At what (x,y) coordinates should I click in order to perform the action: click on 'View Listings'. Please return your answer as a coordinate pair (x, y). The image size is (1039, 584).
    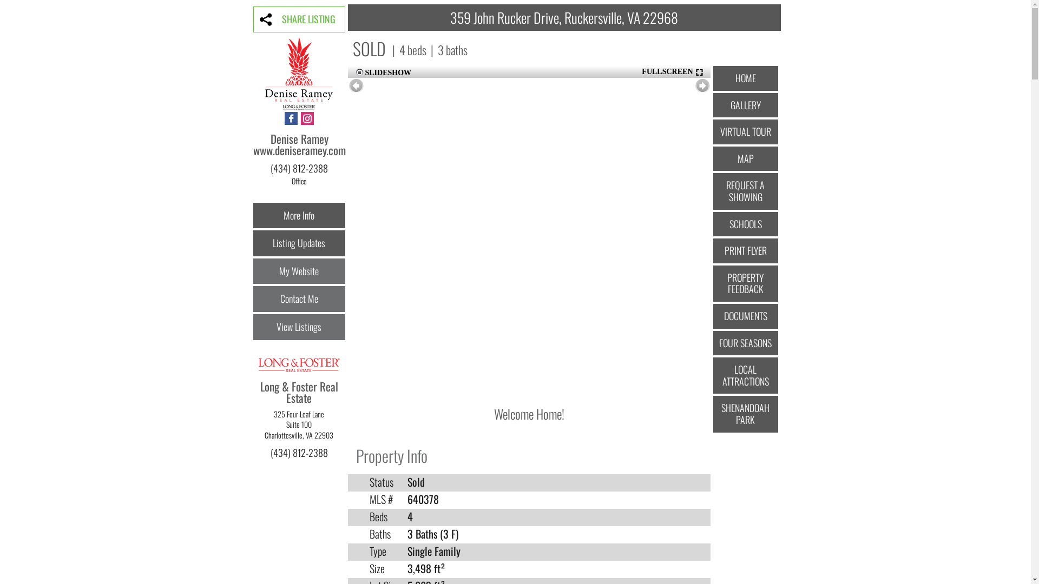
    Looking at the image, I should click on (299, 327).